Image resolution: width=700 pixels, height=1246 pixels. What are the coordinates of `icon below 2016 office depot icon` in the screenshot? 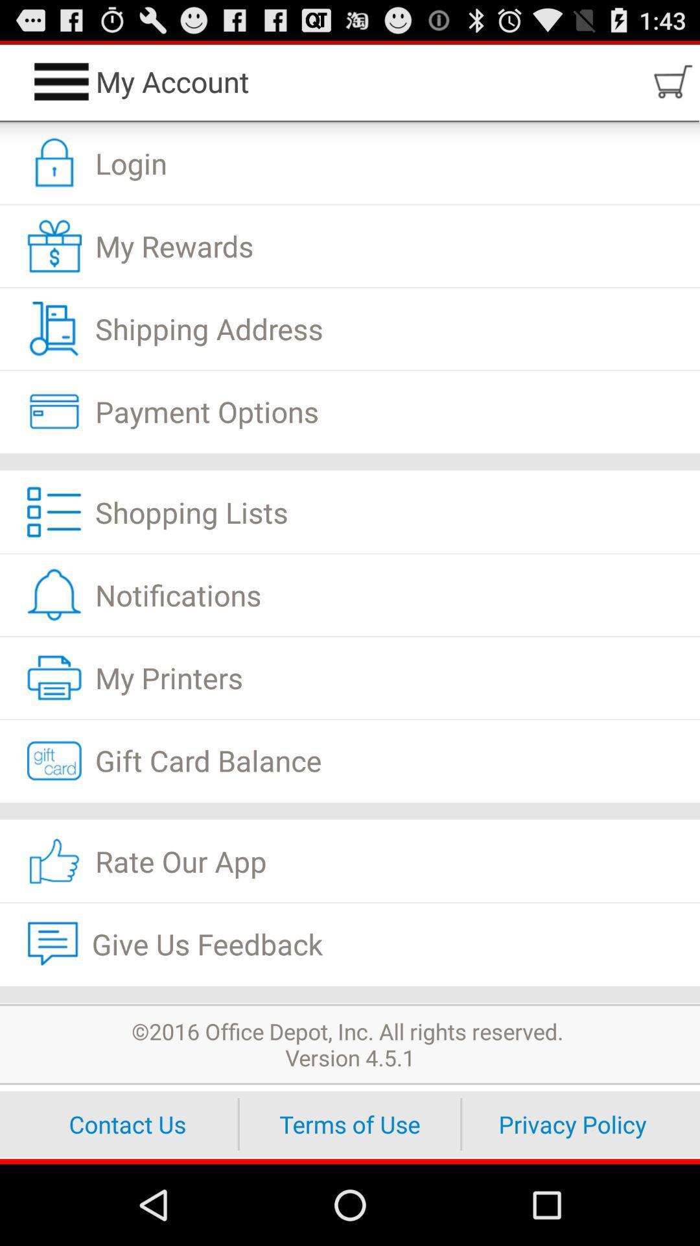 It's located at (572, 1123).